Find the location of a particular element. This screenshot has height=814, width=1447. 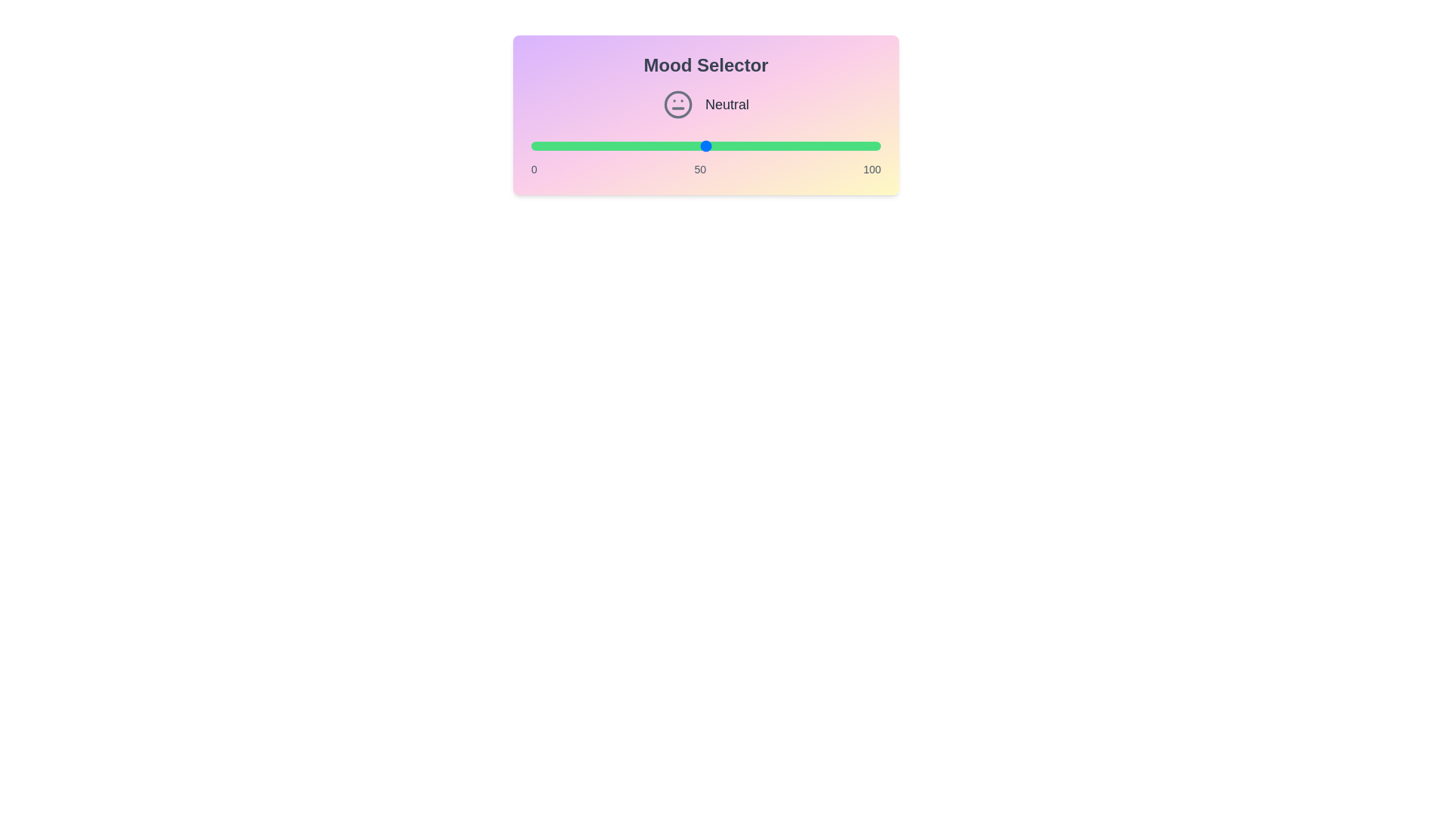

the mood value to 37 by adjusting the slider is located at coordinates (660, 145).